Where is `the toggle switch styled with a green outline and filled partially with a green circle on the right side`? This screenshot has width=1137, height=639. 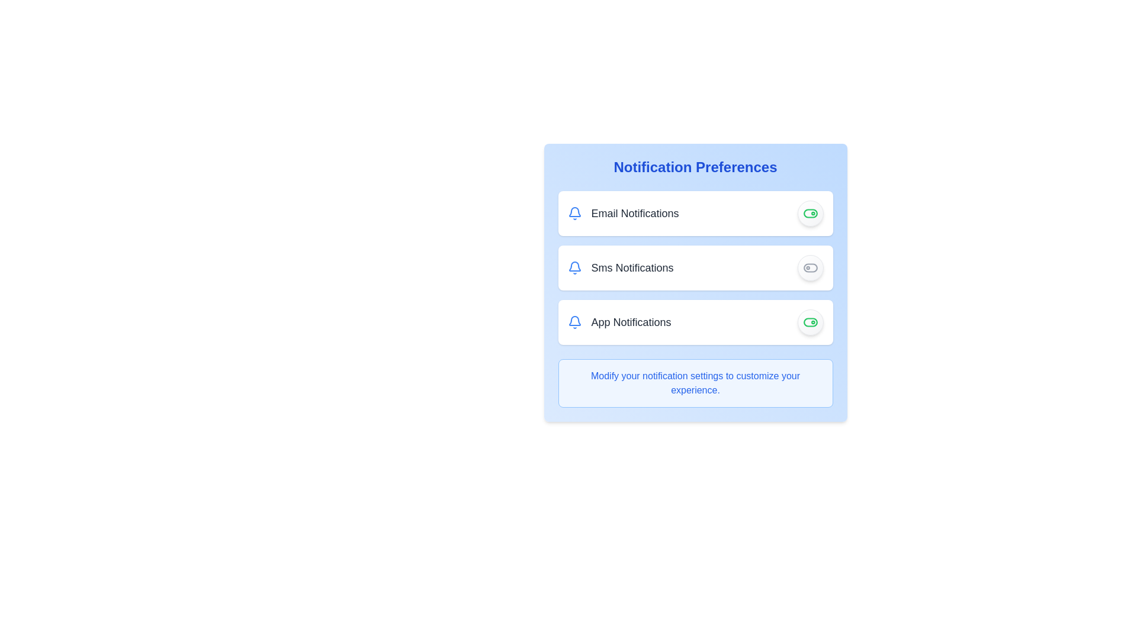 the toggle switch styled with a green outline and filled partially with a green circle on the right side is located at coordinates (810, 322).